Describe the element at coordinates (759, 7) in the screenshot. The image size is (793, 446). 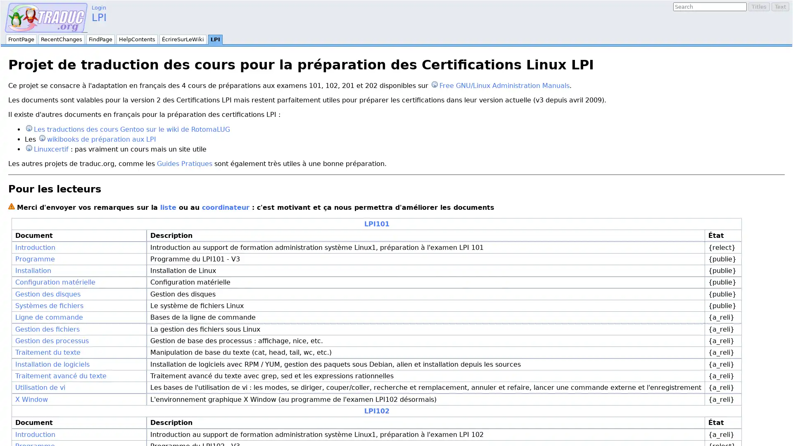
I see `Titles` at that location.